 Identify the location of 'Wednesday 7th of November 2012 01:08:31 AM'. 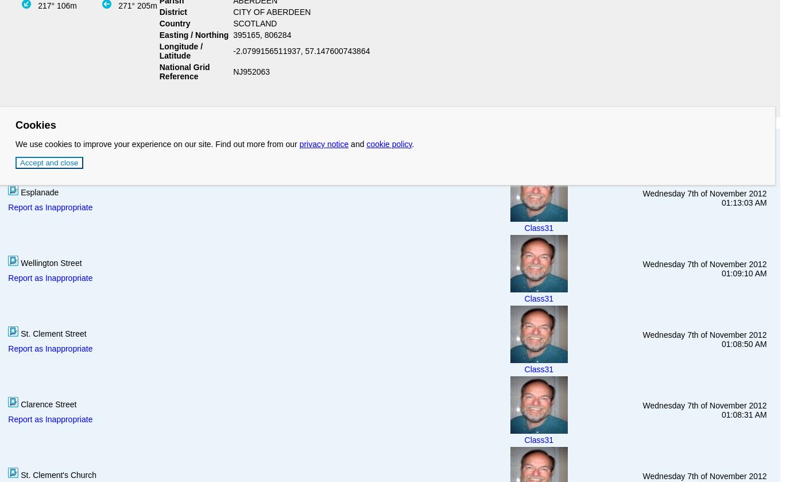
(704, 409).